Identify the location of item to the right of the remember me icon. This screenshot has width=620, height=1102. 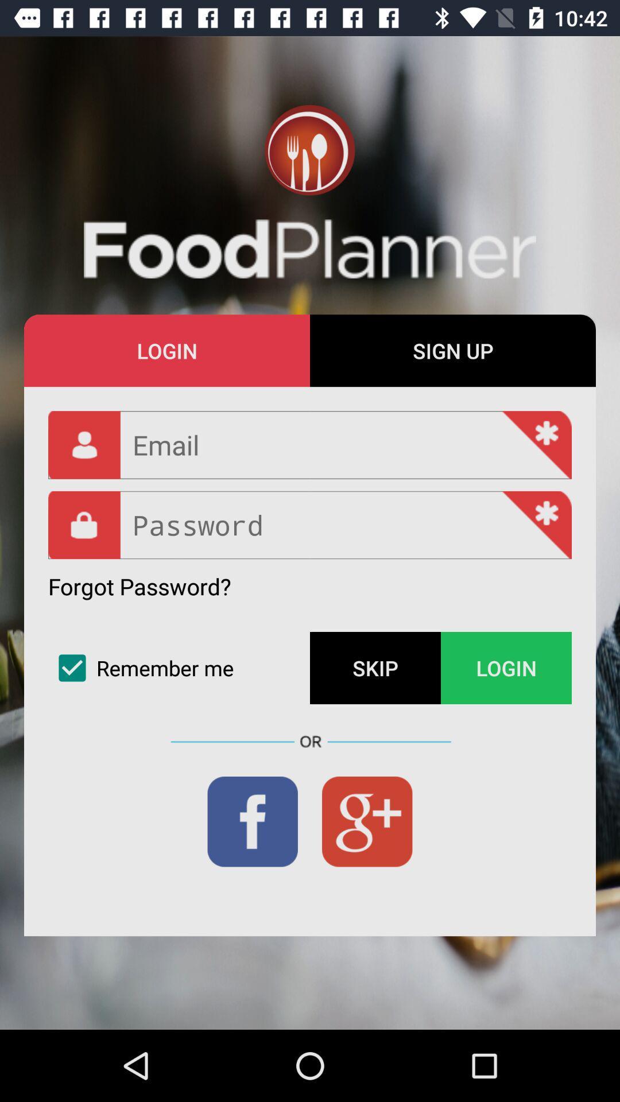
(375, 668).